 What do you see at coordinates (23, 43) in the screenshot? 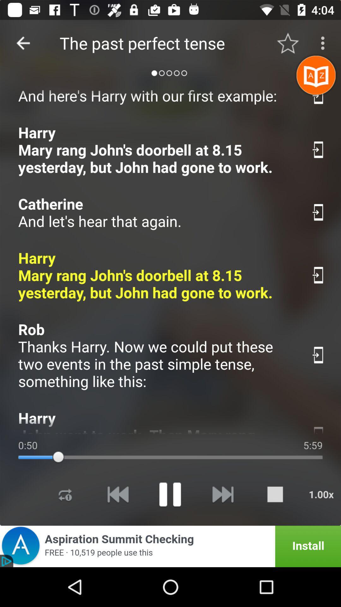
I see `go back` at bounding box center [23, 43].